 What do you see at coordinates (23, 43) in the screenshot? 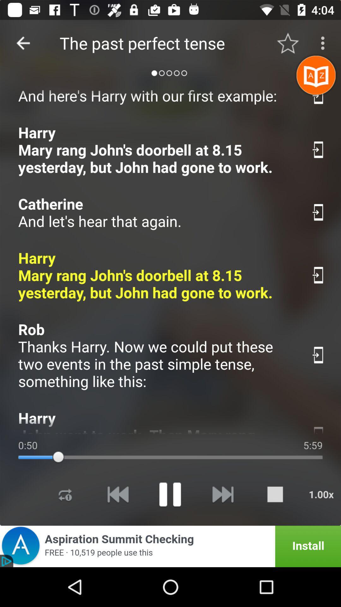
I see `go back` at bounding box center [23, 43].